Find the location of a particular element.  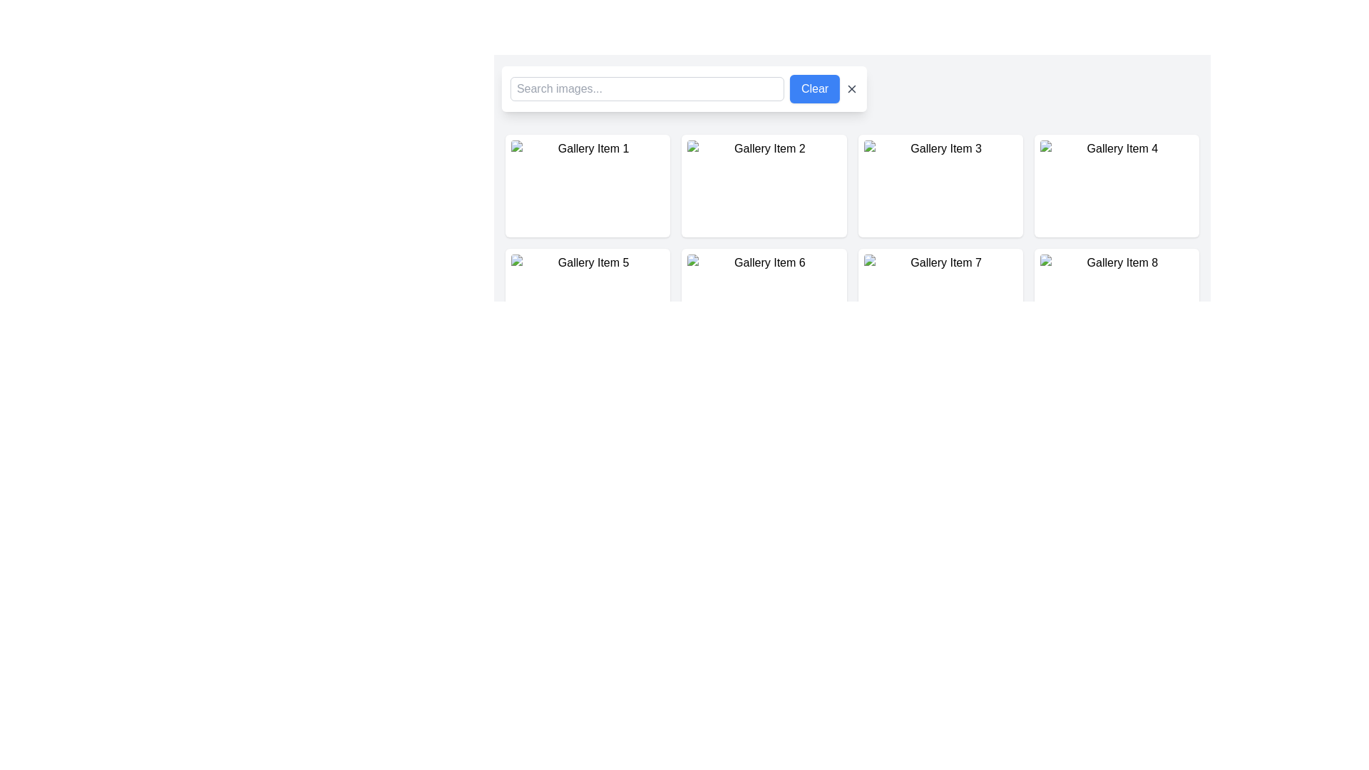

the thumbnail for 'Gallery Item 3', which is located is located at coordinates (940, 185).